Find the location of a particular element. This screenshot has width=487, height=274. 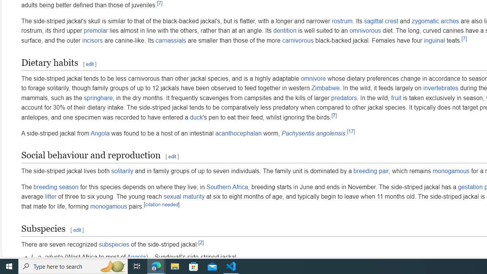

'acanthocephalan' is located at coordinates (238, 133).